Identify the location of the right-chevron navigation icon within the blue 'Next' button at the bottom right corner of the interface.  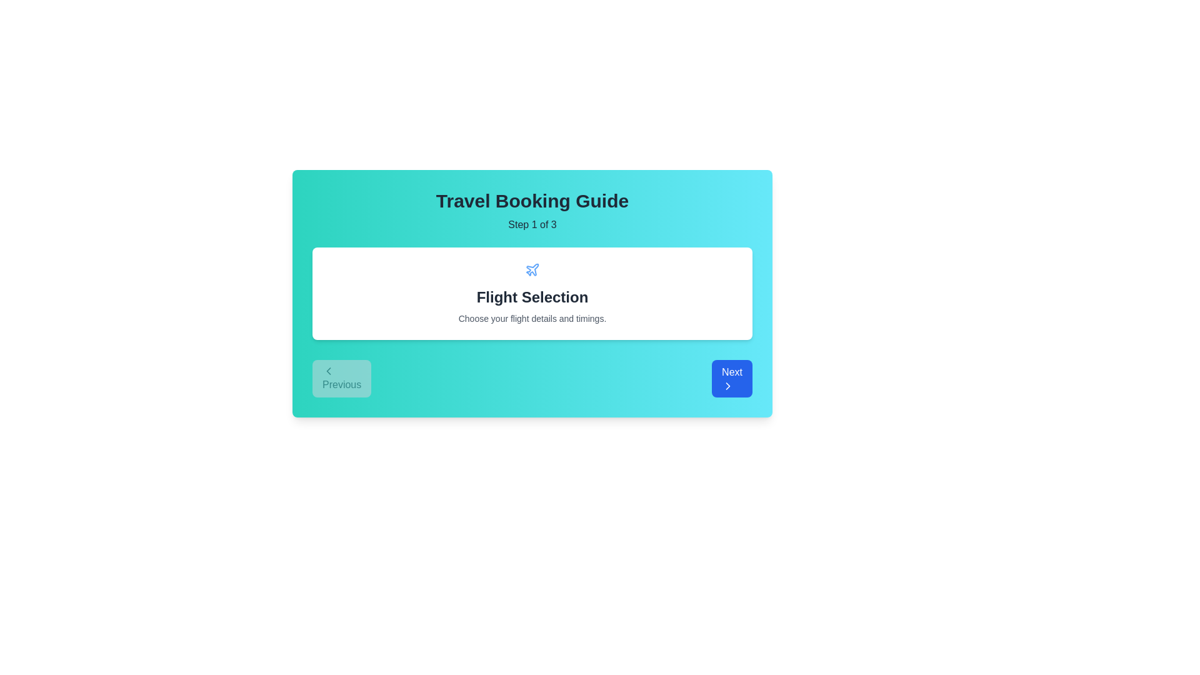
(728, 385).